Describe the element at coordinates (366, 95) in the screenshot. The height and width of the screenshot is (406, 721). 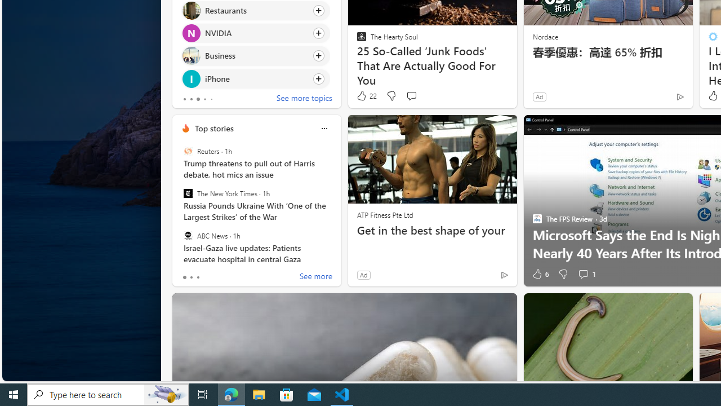
I see `'22 Like'` at that location.